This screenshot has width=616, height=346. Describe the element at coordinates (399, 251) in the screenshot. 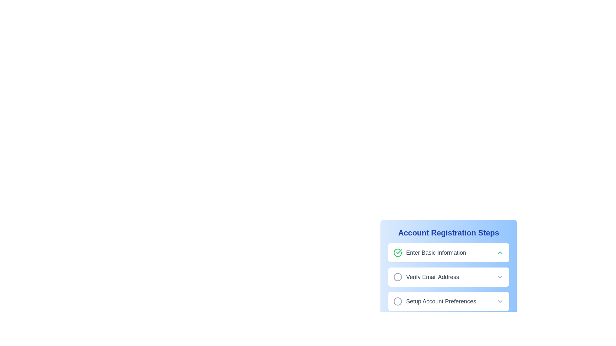

I see `the graphical icon indicating successful completion of the 'Enter Basic Information' step in the registration process, located near the left side of the step header` at that location.